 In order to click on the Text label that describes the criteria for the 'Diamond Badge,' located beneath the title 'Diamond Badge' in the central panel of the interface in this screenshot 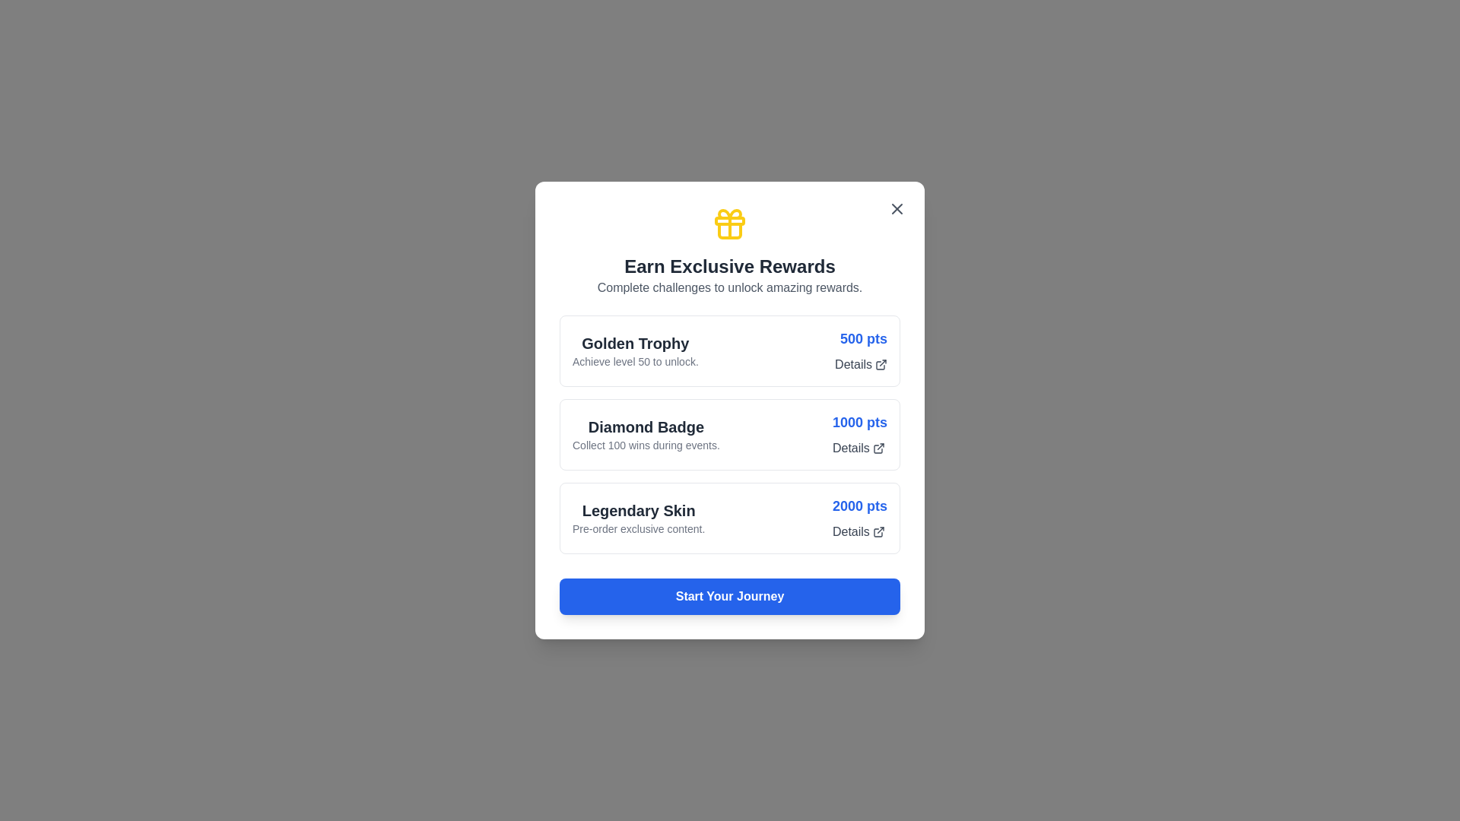, I will do `click(646, 445)`.